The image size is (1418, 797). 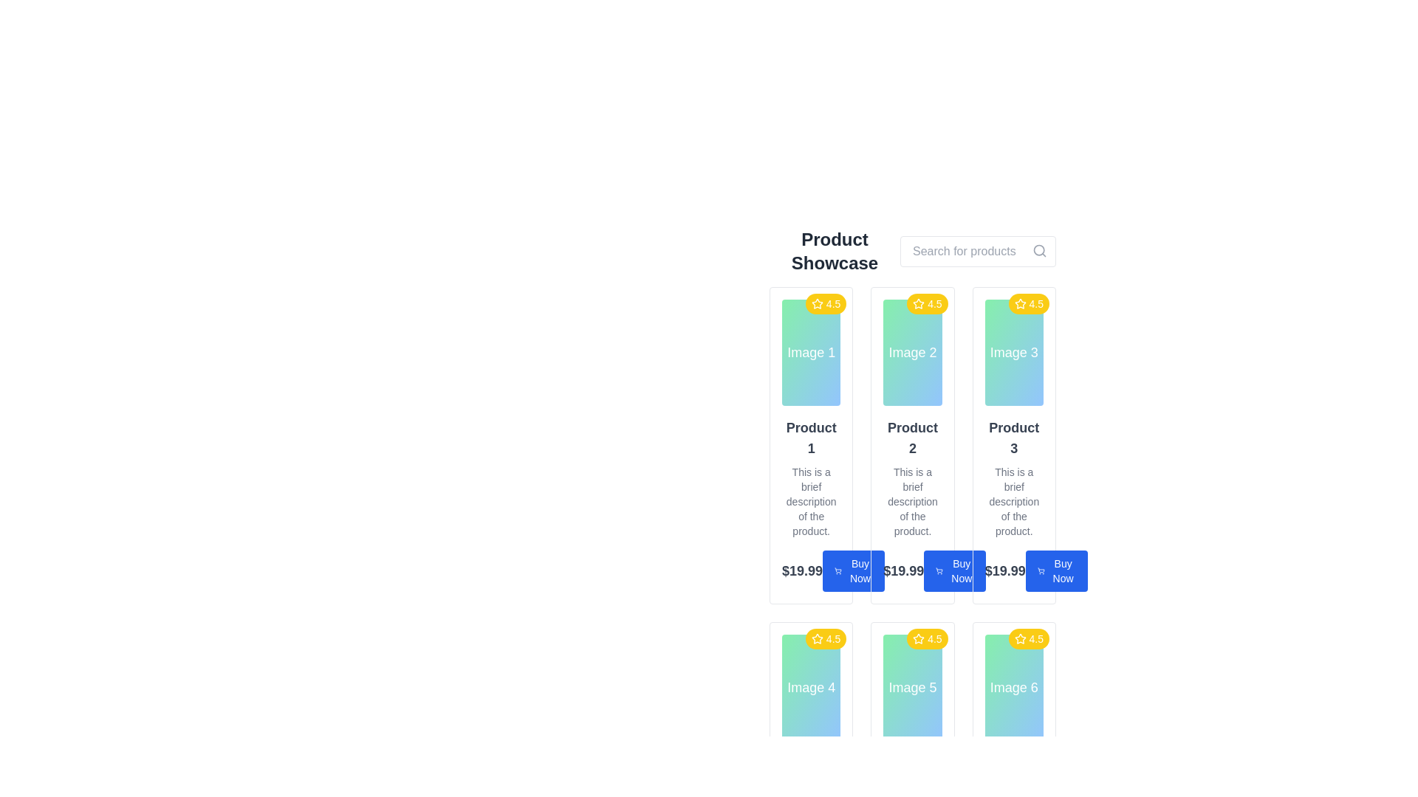 I want to click on the text label inside the first card of the second row in the grid, so click(x=810, y=688).